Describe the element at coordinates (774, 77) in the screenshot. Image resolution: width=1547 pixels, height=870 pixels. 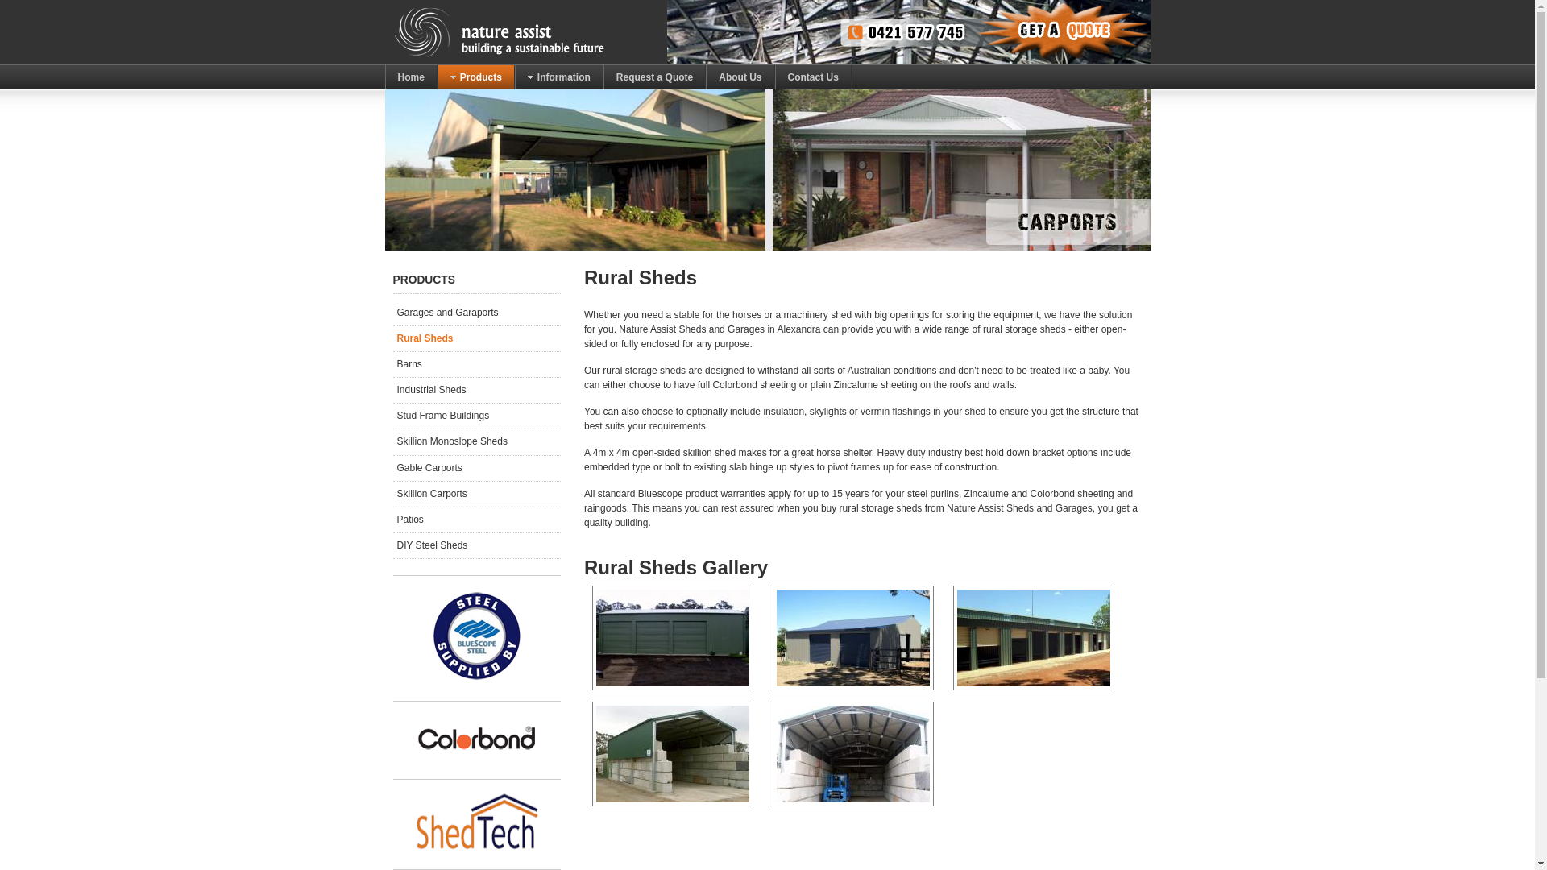
I see `'Contact Us'` at that location.